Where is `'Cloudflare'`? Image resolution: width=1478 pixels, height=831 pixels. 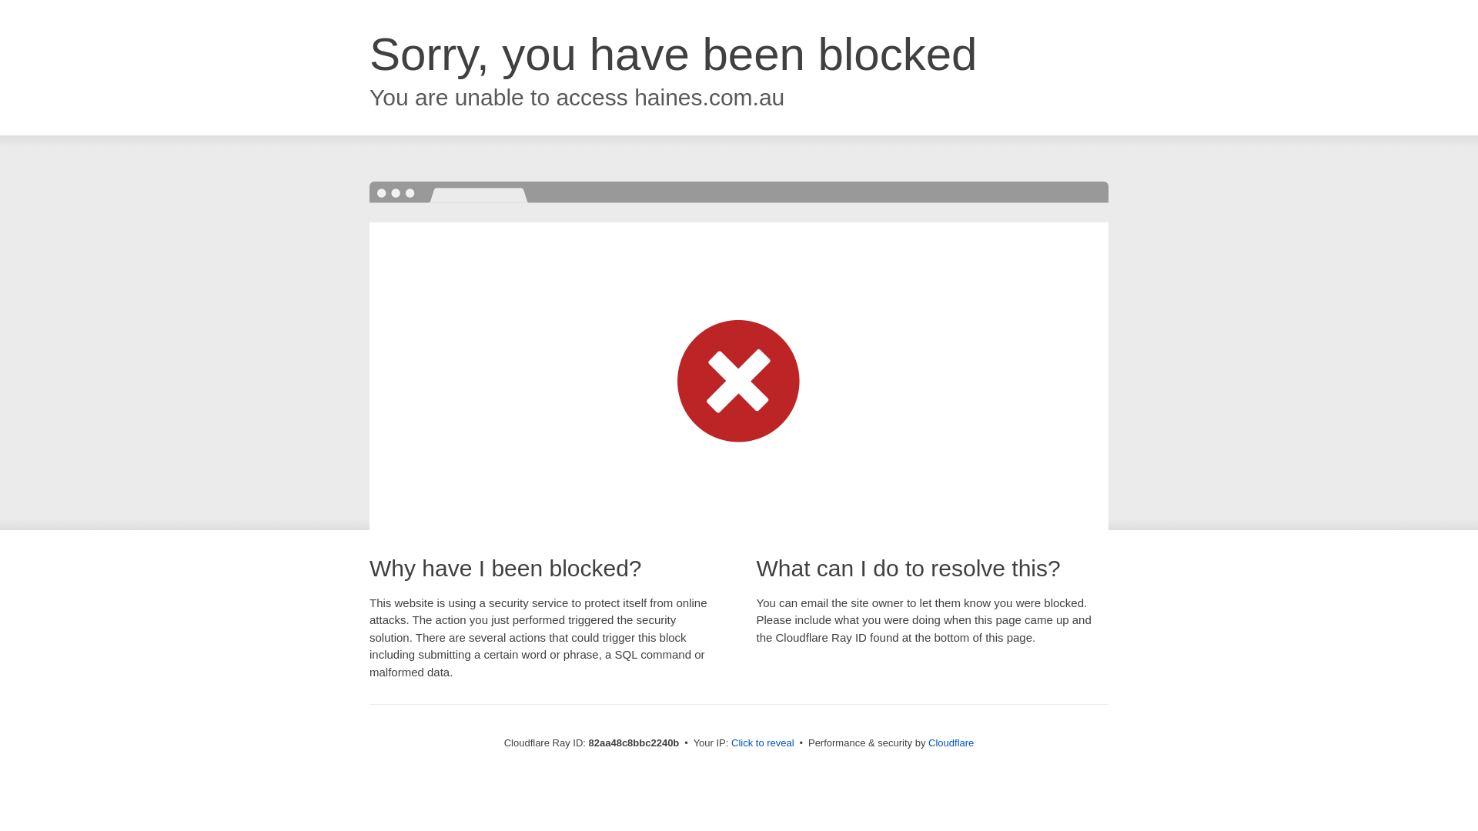 'Cloudflare' is located at coordinates (950, 742).